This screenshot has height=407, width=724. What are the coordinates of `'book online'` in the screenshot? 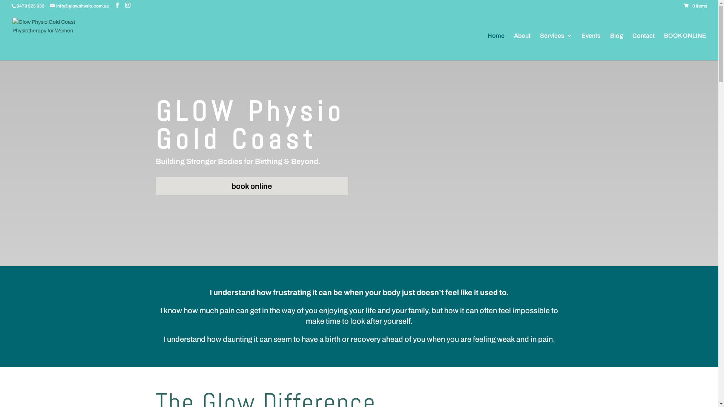 It's located at (252, 186).